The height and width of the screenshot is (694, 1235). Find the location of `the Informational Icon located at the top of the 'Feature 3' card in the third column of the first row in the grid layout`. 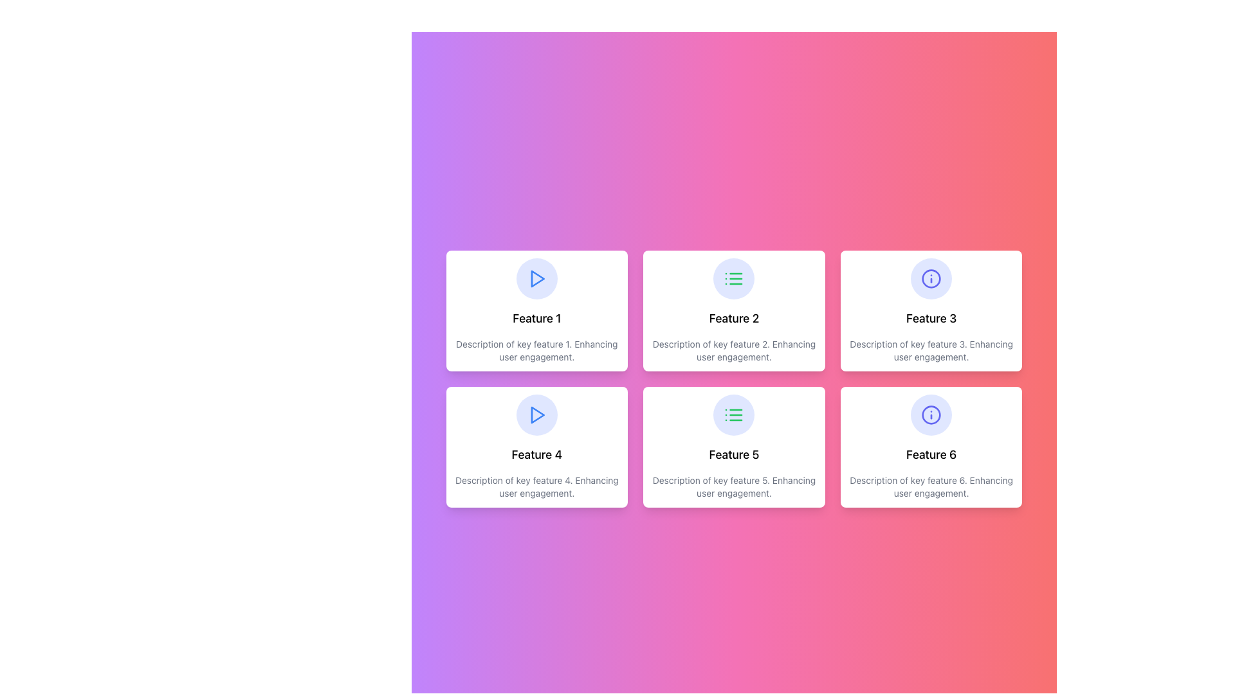

the Informational Icon located at the top of the 'Feature 3' card in the third column of the first row in the grid layout is located at coordinates (931, 414).